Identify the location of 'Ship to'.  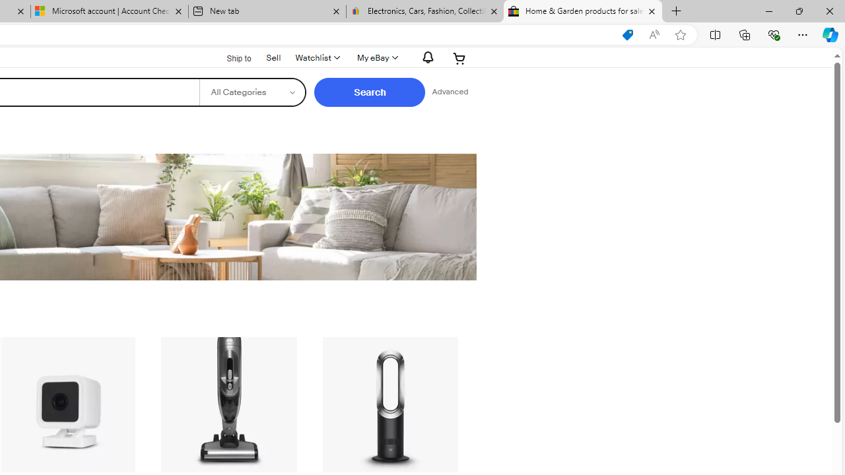
(230, 57).